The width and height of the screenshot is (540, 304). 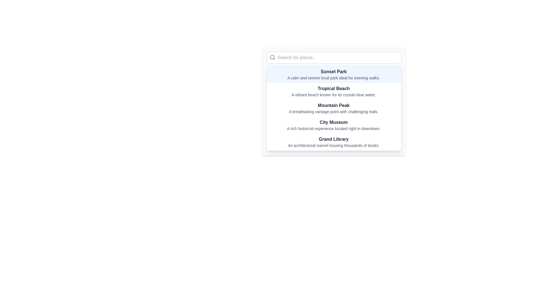 What do you see at coordinates (334, 91) in the screenshot?
I see `the second list item labeled 'Tropical Beach', which is positioned in the middle of the visible list` at bounding box center [334, 91].